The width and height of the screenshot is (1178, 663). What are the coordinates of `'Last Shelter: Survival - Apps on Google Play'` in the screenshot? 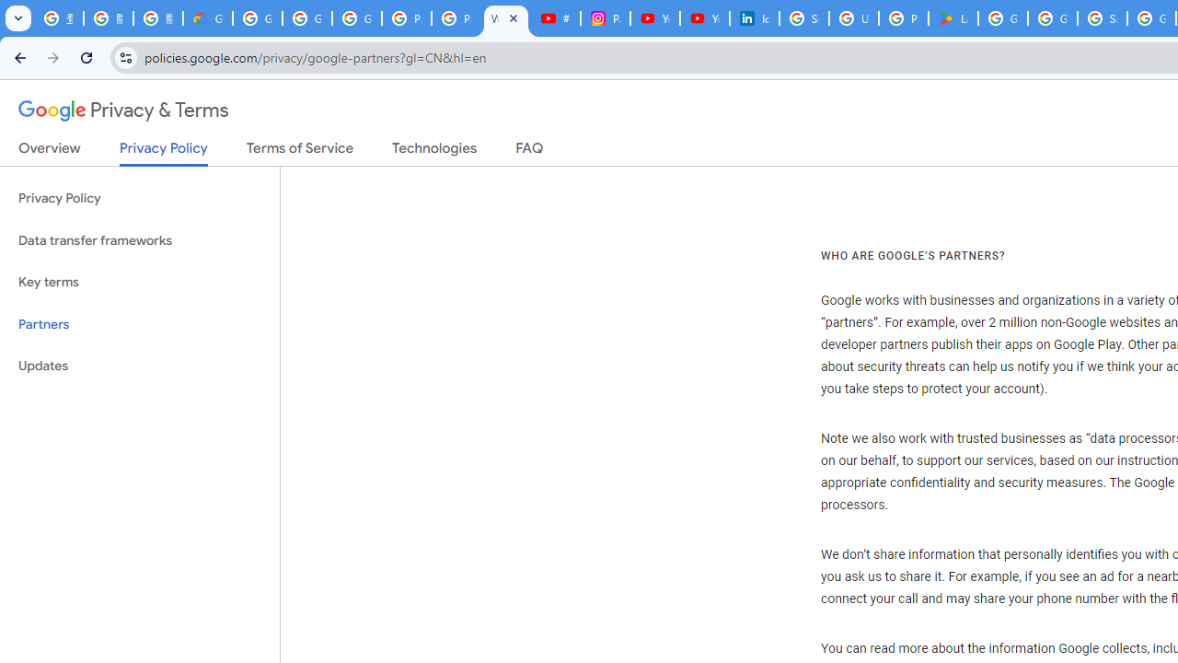 It's located at (953, 18).